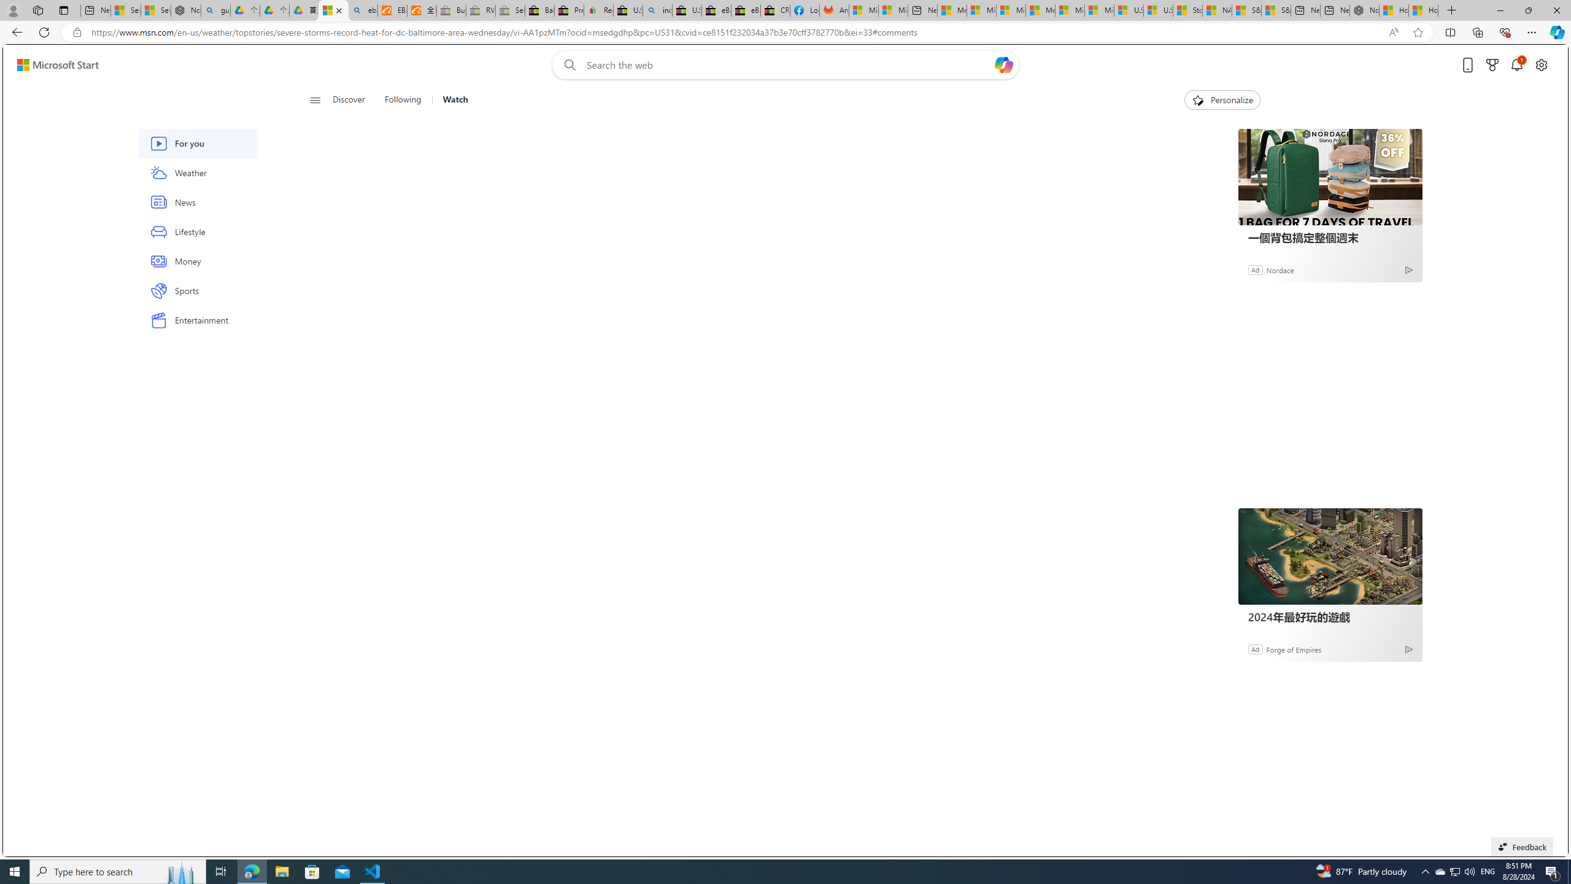 The width and height of the screenshot is (1571, 884). I want to click on 'U.S. State Privacy Disclosures - eBay Inc.', so click(687, 10).